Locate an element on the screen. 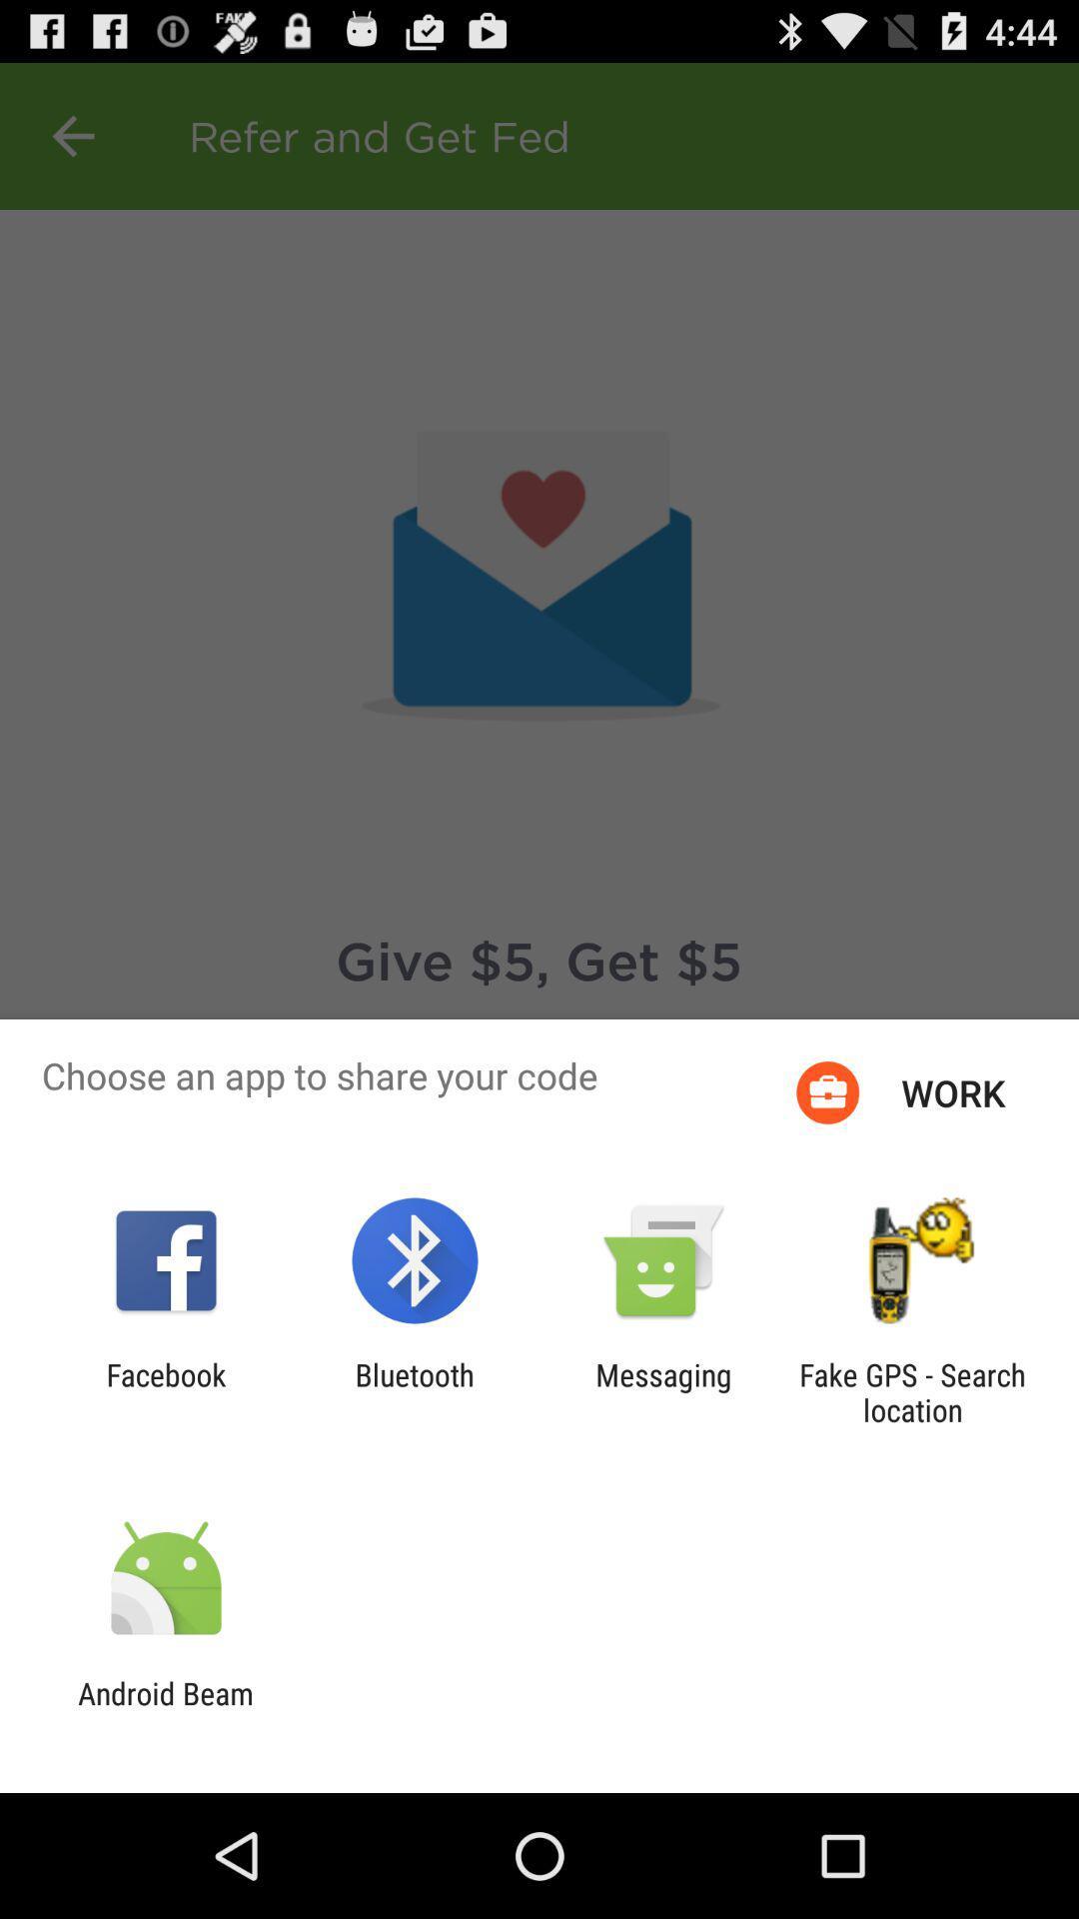 This screenshot has width=1079, height=1919. bluetooth item is located at coordinates (414, 1391).